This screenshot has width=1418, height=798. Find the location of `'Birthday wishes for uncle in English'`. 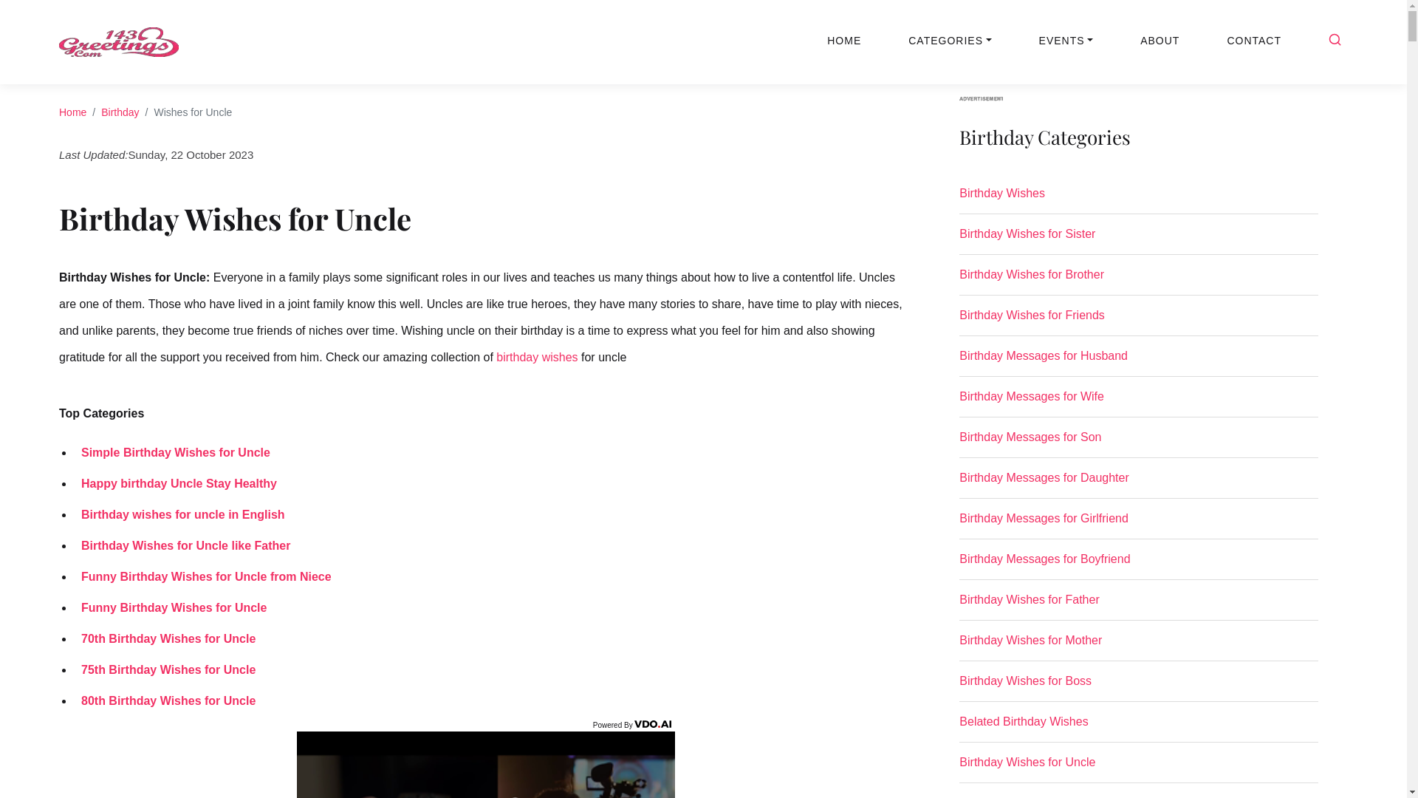

'Birthday wishes for uncle in English' is located at coordinates (179, 514).